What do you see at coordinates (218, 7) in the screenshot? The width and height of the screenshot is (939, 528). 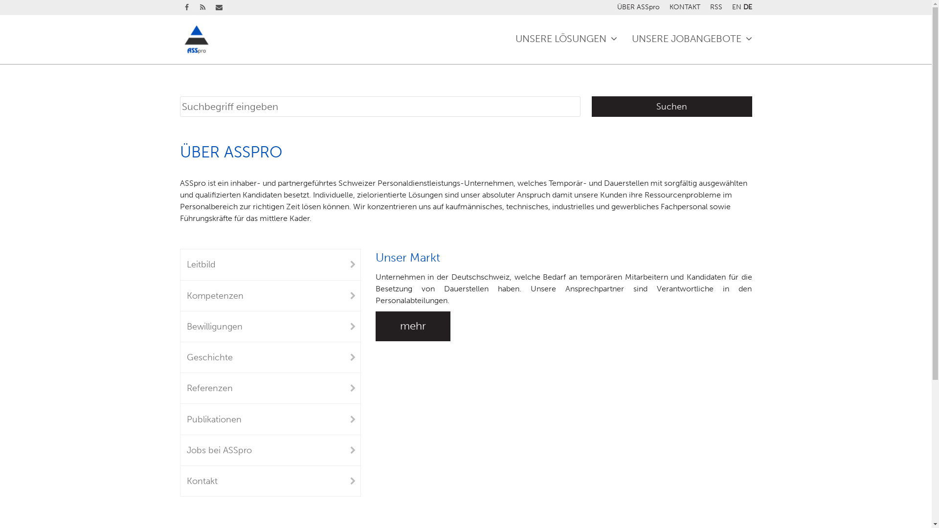 I see `'Email'` at bounding box center [218, 7].